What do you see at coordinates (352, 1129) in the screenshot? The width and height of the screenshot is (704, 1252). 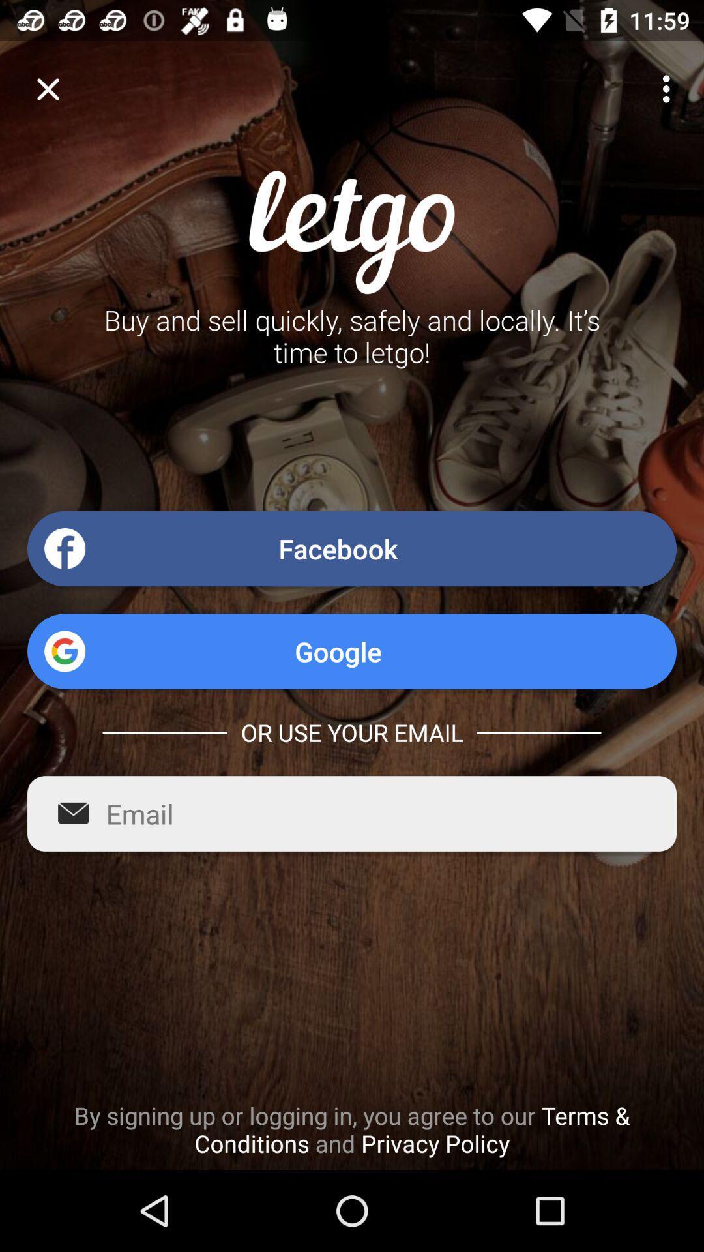 I see `by signing up icon` at bounding box center [352, 1129].